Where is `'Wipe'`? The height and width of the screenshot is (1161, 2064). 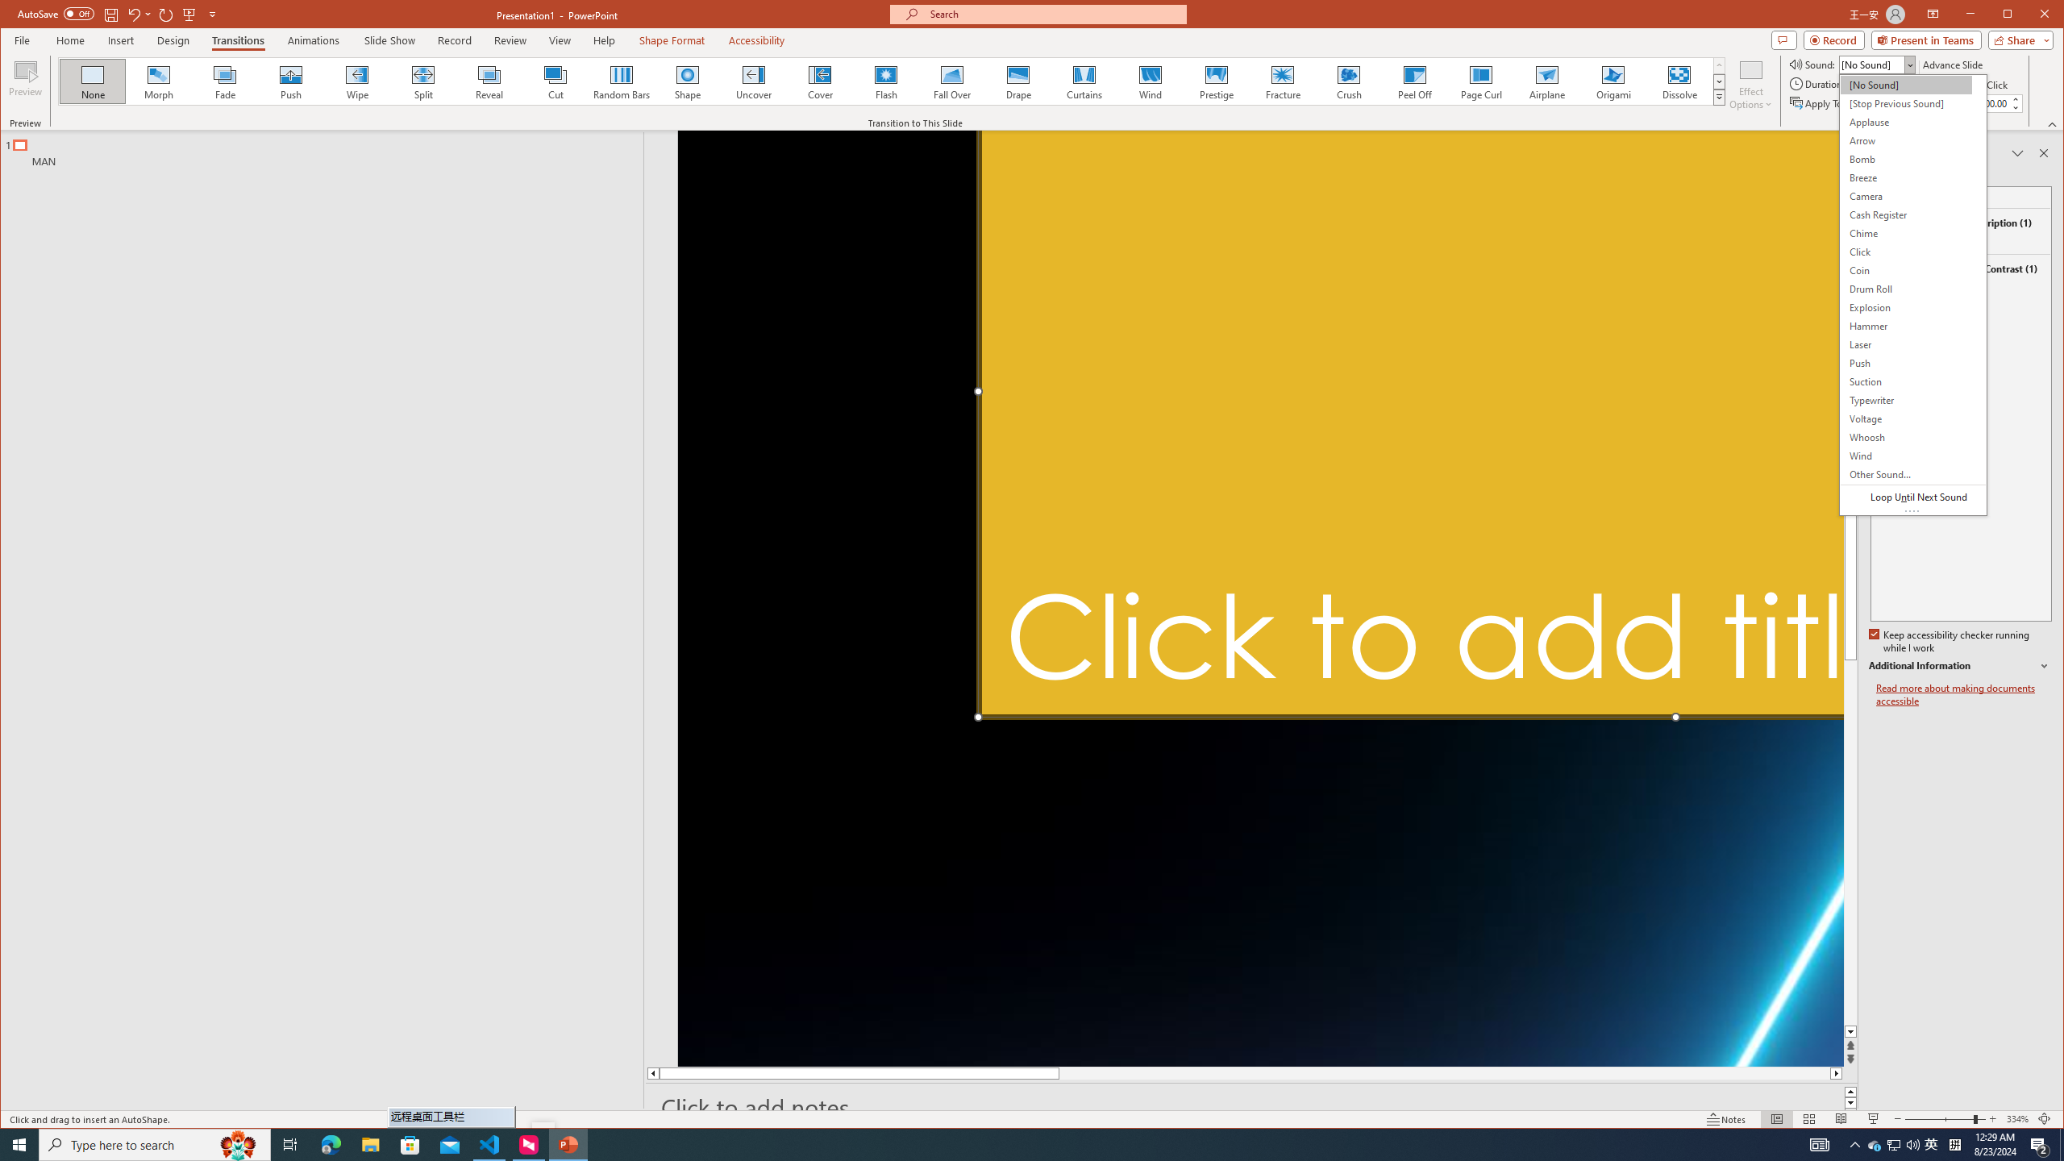
'Wipe' is located at coordinates (356, 81).